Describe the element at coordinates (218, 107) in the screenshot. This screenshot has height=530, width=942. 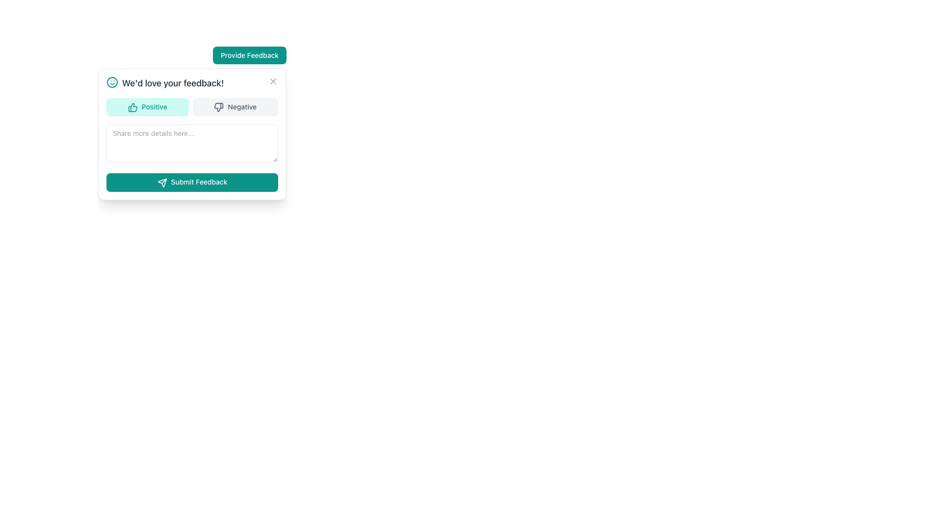
I see `the thumbs down icon located within the 'Negative' button, which serves as a visual indicator for the button's purpose` at that location.